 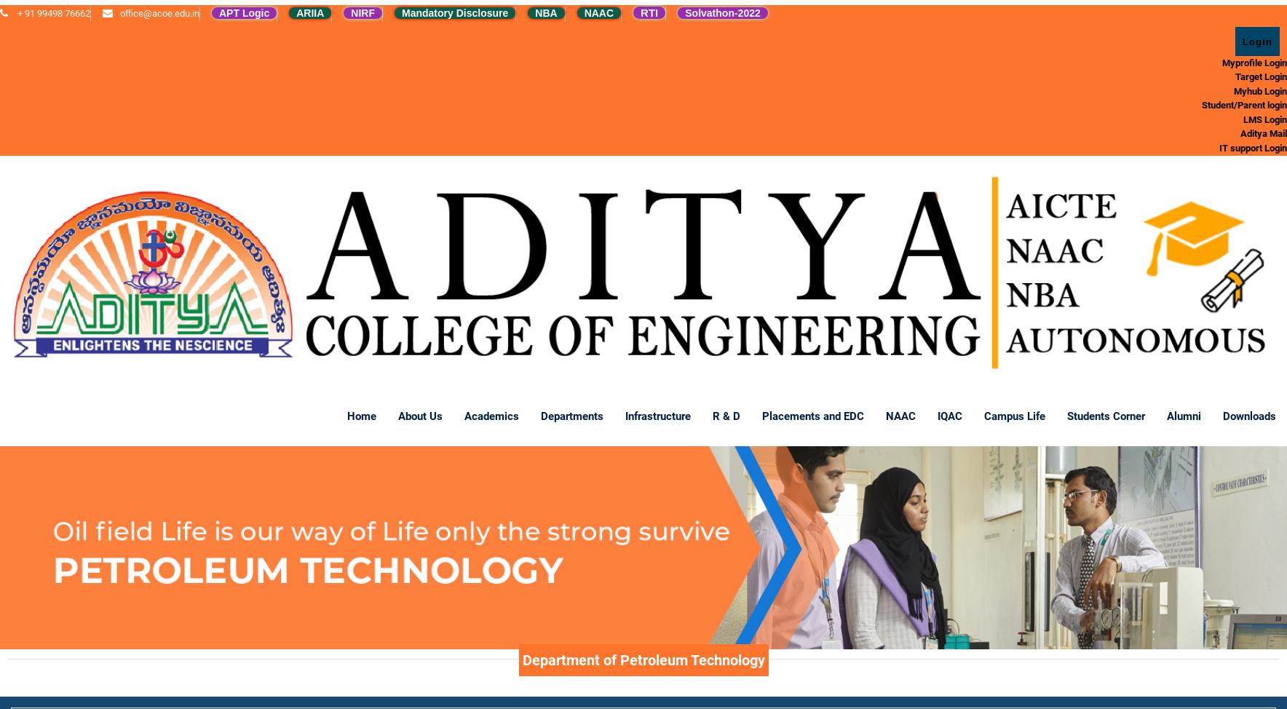 What do you see at coordinates (534, 13) in the screenshot?
I see `'NBA'` at bounding box center [534, 13].